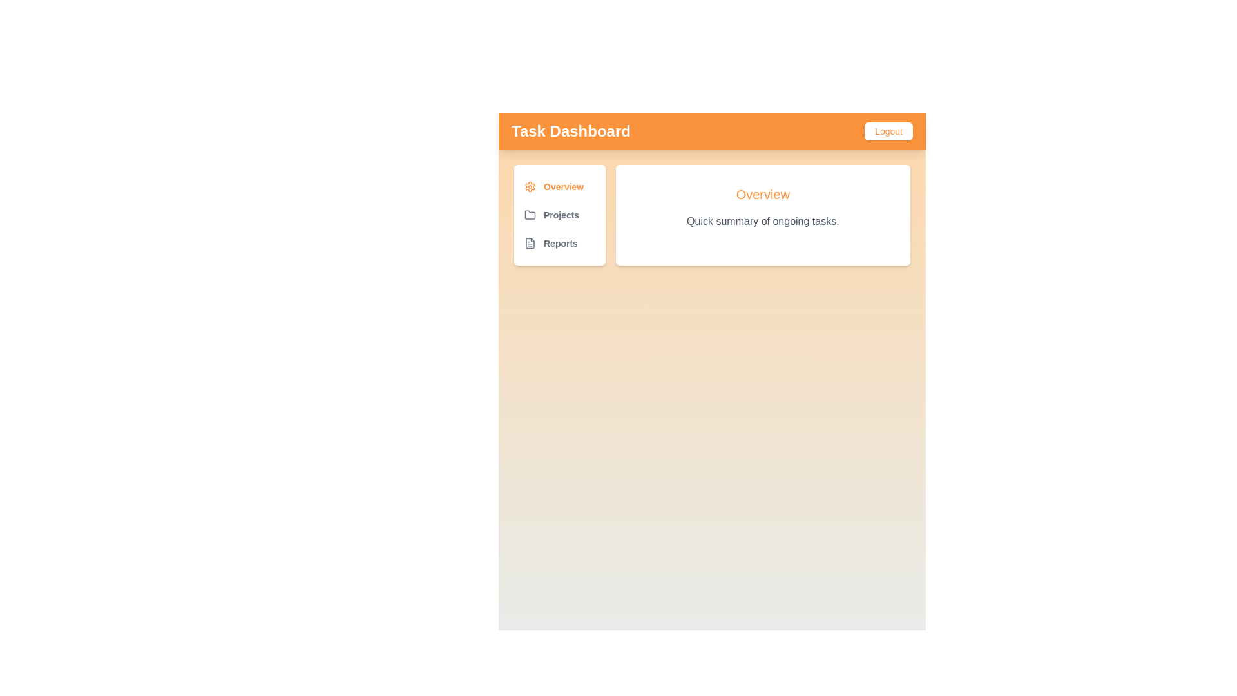 This screenshot has height=696, width=1237. I want to click on the settings icon located in the 'Overview' section of the left navigation bar, so click(530, 186).